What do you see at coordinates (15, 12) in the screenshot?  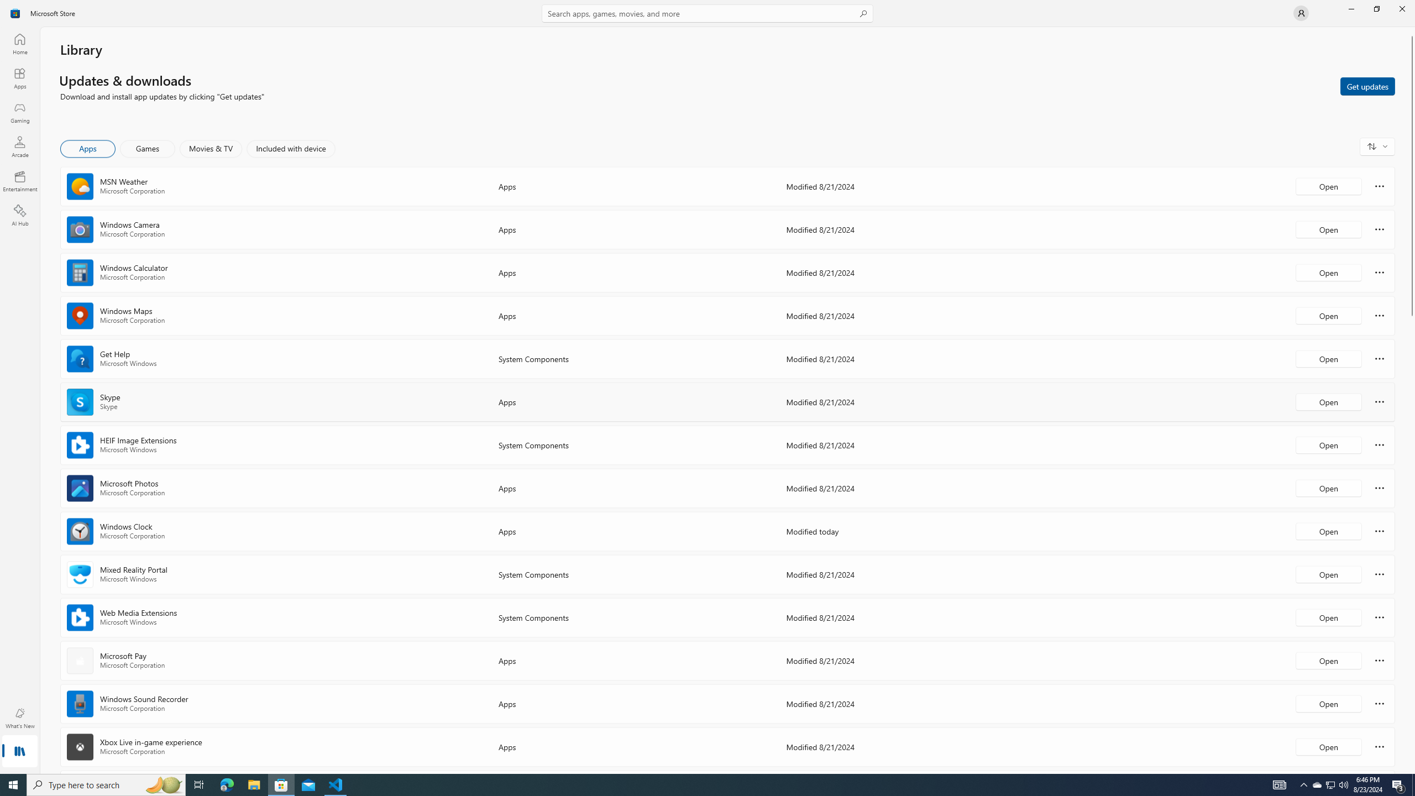 I see `'Class: Image'` at bounding box center [15, 12].